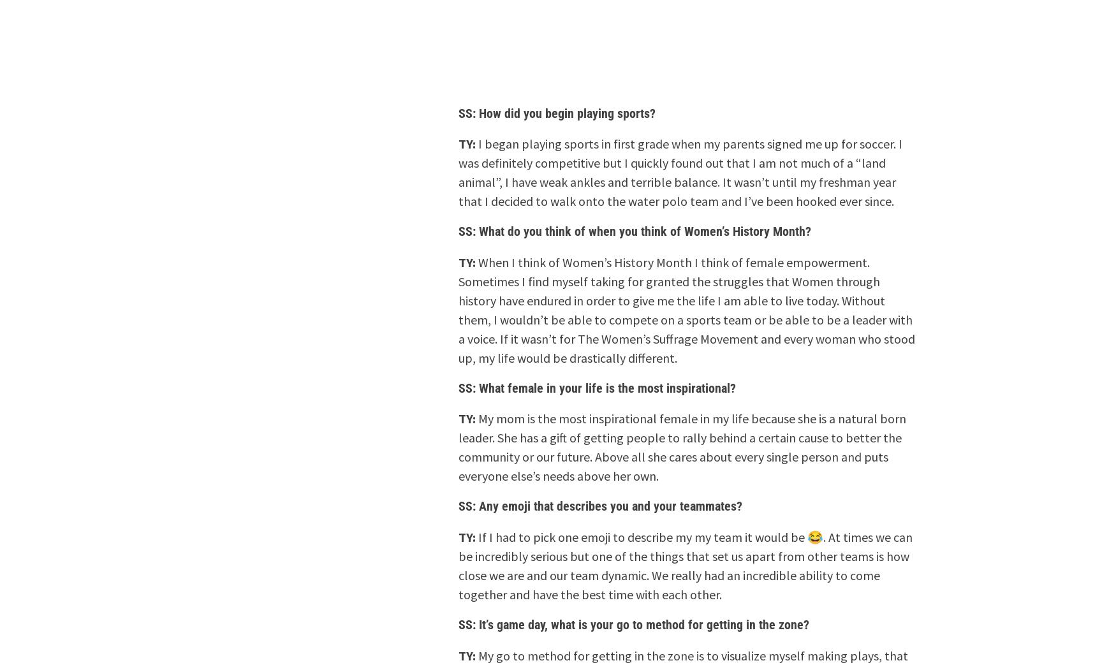 The width and height of the screenshot is (1116, 663). What do you see at coordinates (459, 113) in the screenshot?
I see `'SS: How did you begin playing sports?'` at bounding box center [459, 113].